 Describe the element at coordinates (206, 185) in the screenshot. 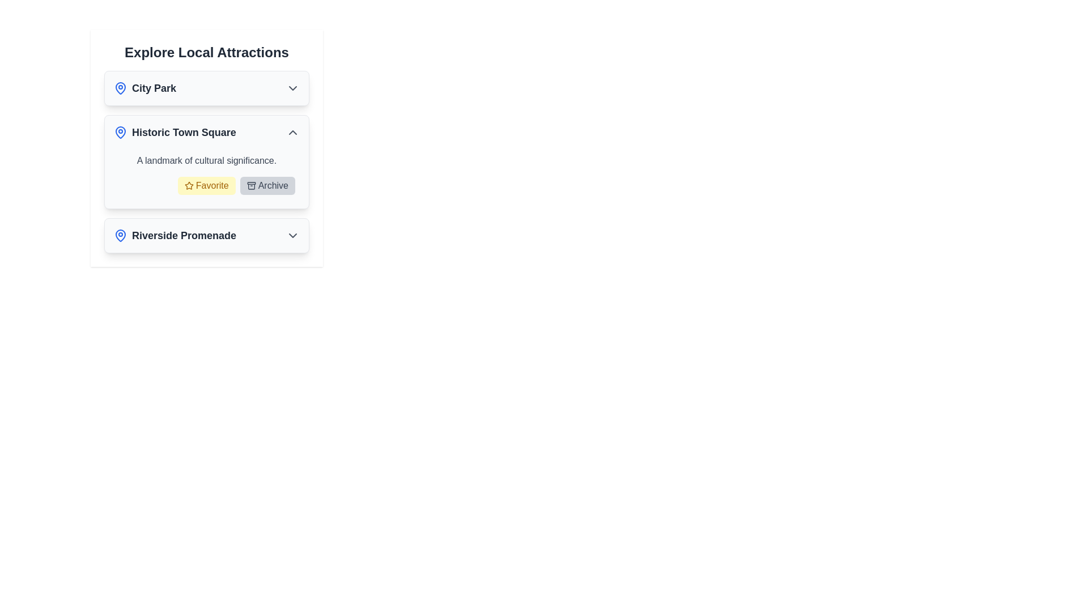

I see `the favorite button for the 'Historic Town Square' item located under 'Explore Local Attractions'` at that location.